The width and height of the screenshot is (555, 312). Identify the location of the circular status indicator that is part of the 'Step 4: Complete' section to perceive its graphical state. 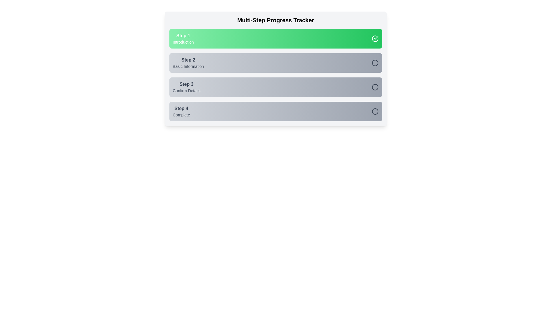
(375, 111).